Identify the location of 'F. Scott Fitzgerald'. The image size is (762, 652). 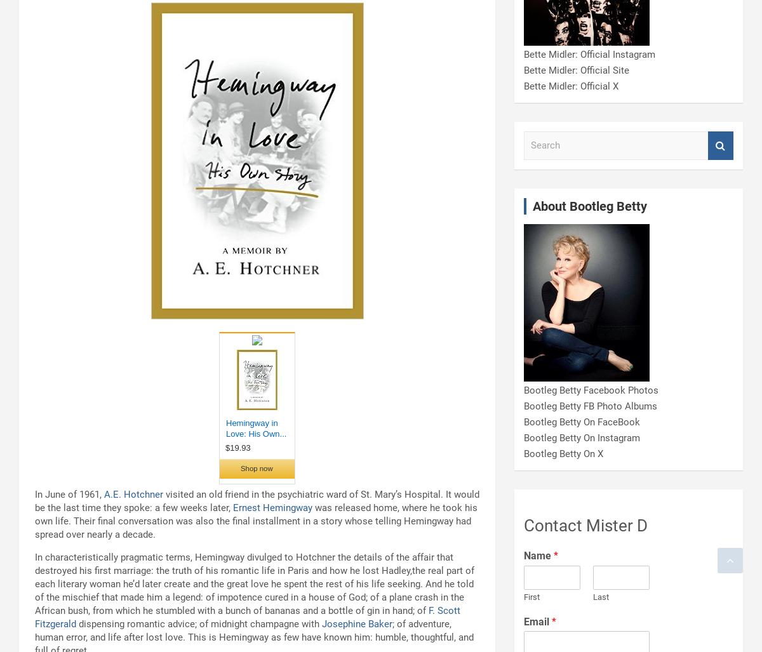
(248, 616).